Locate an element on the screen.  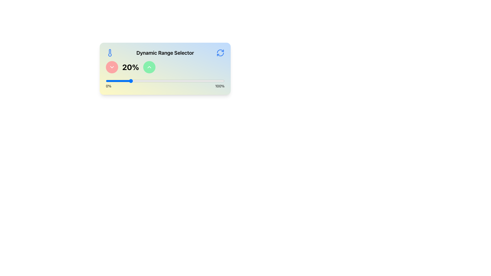
the static labels of a range slider, which display '0%' on the left and '100%' on the right, positioned directly below the slider is located at coordinates (165, 86).